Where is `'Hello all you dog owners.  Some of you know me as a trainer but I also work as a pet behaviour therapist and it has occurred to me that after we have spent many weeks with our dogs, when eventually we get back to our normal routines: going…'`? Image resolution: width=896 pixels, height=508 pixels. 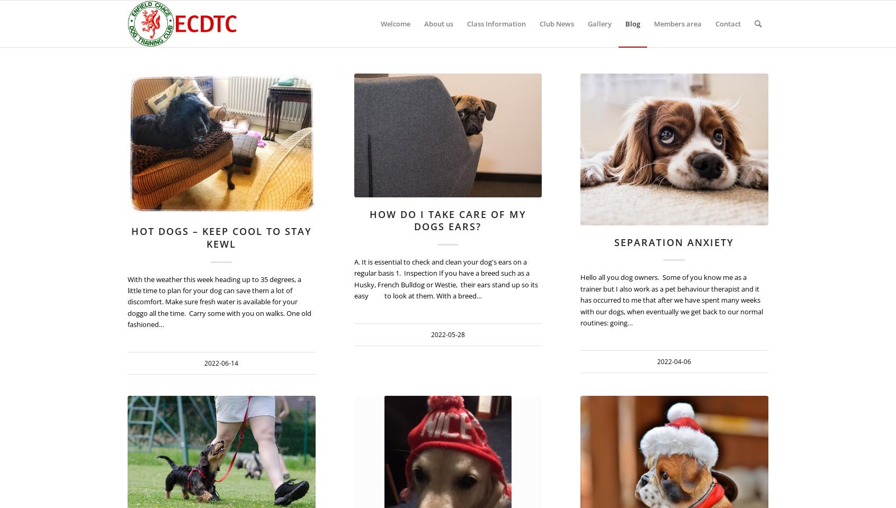
'Hello all you dog owners.  Some of you know me as a trainer but I also work as a pet behaviour therapist and it has occurred to me that after we have spent many weeks with our dogs, when eventually we get back to our normal routines: going…' is located at coordinates (671, 300).